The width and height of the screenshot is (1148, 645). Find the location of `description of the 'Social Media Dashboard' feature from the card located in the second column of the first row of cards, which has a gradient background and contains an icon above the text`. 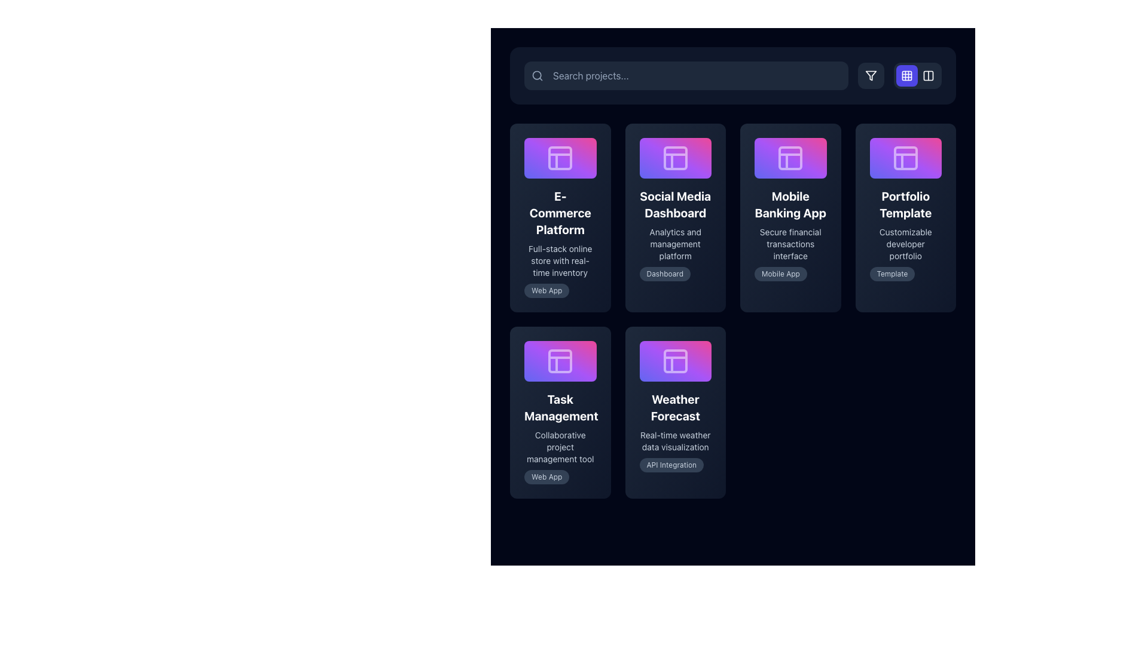

description of the 'Social Media Dashboard' feature from the card located in the second column of the first row of cards, which has a gradient background and contains an icon above the text is located at coordinates (675, 234).